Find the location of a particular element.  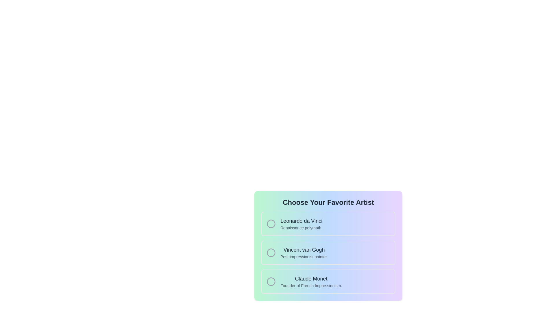

text content of the text block displaying 'Claude Monet' and 'Founder of French Impressionism.' located in the third item of a vertically-stacked list beneath 'Vincent van Gogh' is located at coordinates (311, 281).